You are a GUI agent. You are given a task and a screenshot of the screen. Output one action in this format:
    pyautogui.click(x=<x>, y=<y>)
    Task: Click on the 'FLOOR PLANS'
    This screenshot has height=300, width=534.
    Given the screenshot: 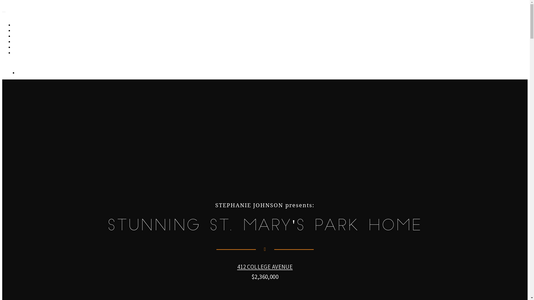 What is the action you would take?
    pyautogui.click(x=14, y=36)
    